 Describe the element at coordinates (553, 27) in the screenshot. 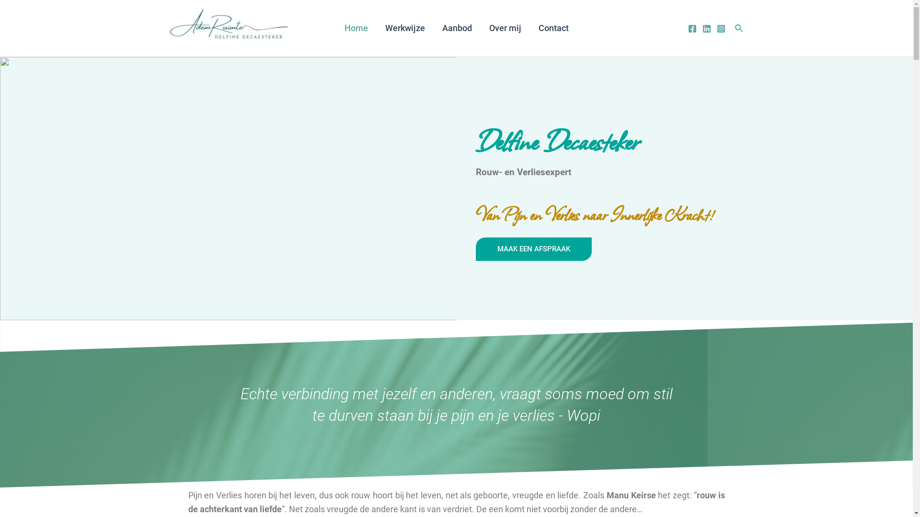

I see `'Contact'` at that location.